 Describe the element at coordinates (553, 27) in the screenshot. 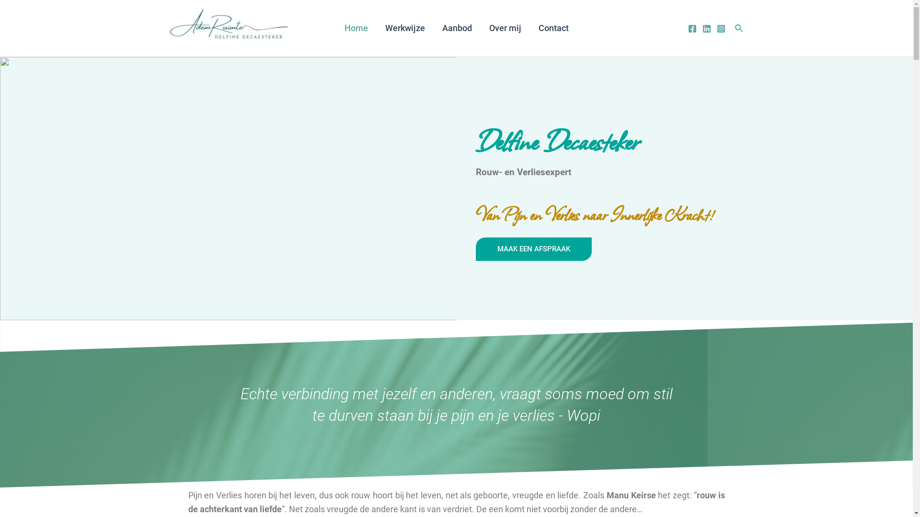

I see `'Contact'` at that location.